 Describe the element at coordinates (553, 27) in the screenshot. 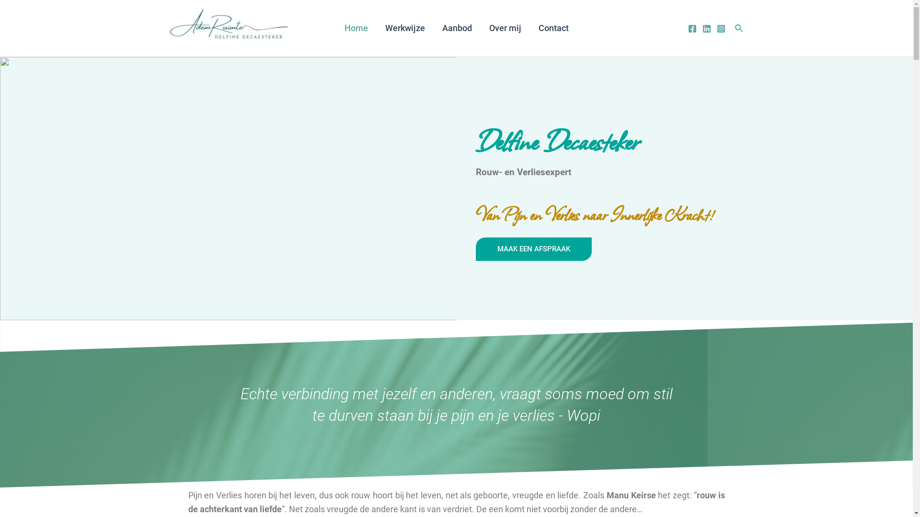

I see `'Contact'` at that location.